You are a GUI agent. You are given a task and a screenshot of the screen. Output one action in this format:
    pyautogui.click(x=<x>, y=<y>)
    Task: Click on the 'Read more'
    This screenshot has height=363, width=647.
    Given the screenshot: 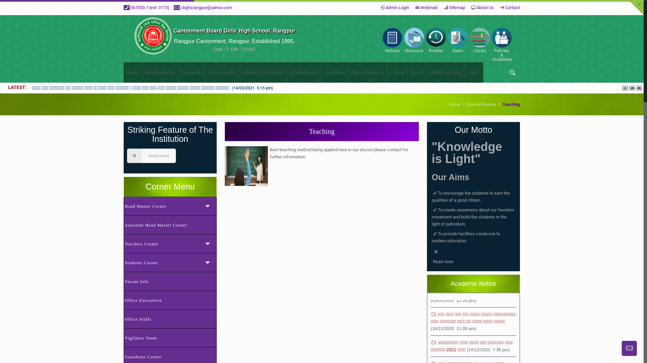 What is the action you would take?
    pyautogui.click(x=151, y=156)
    